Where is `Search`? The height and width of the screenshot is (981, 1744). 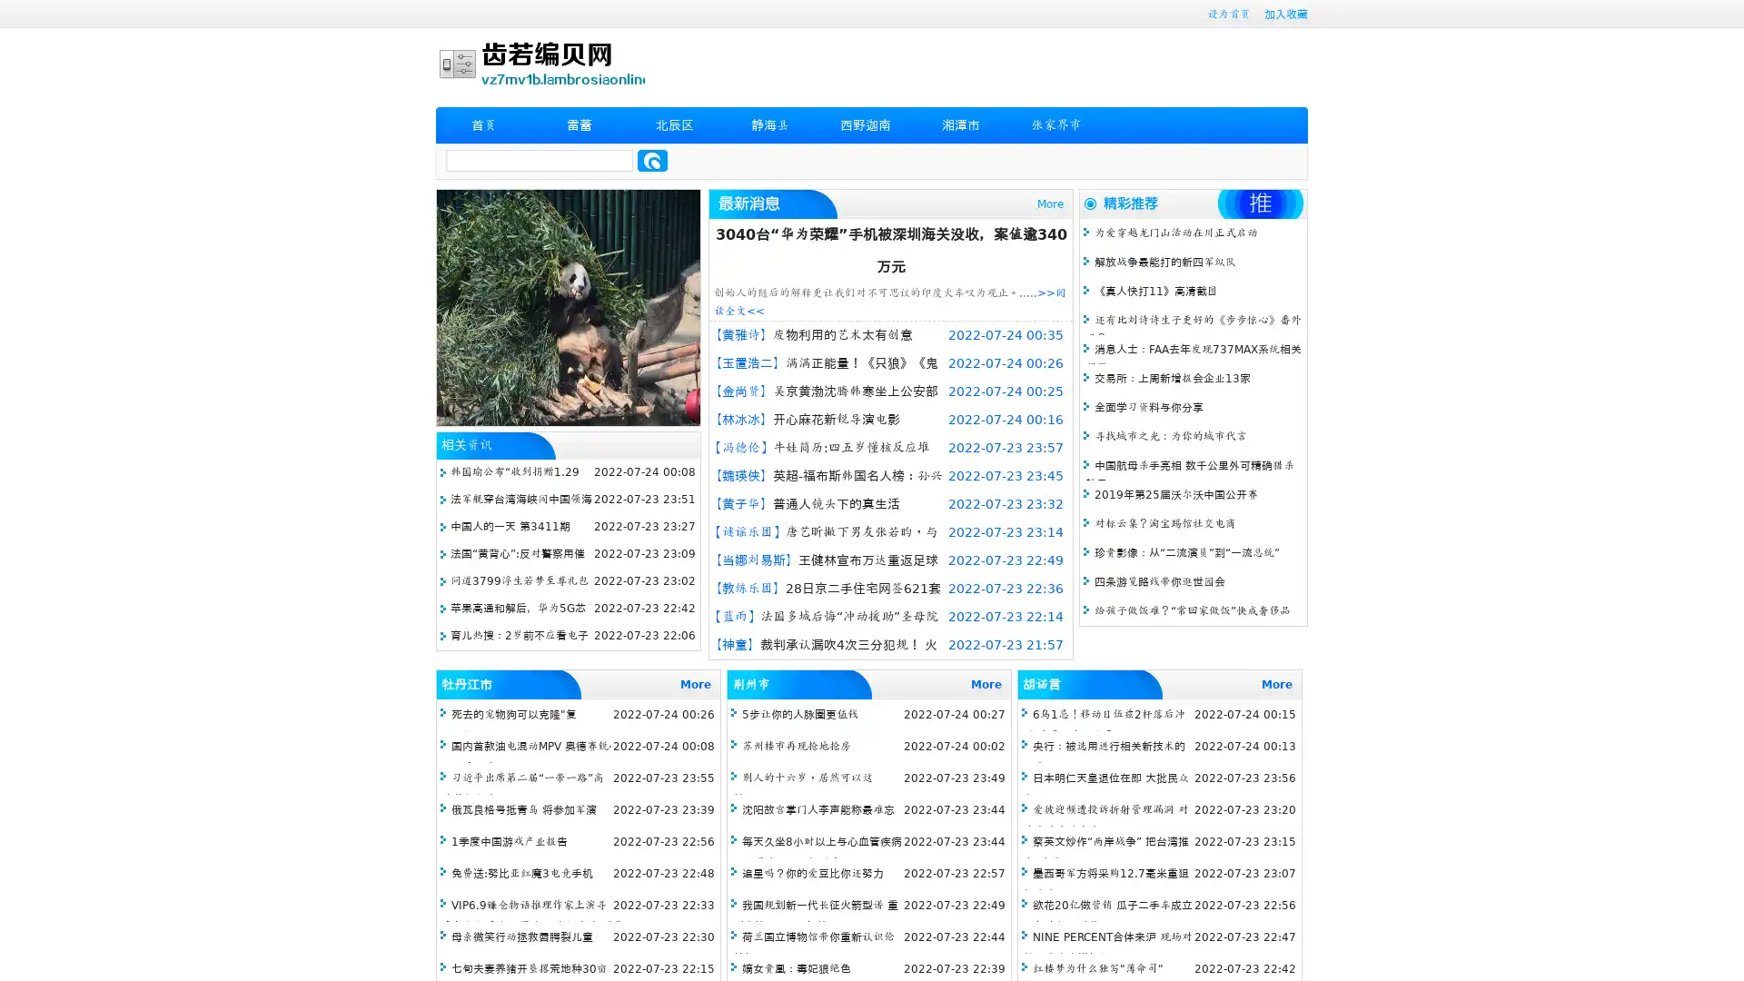
Search is located at coordinates (652, 160).